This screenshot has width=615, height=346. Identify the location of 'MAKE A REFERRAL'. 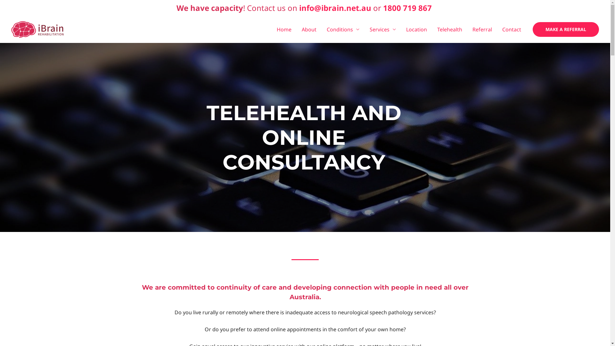
(532, 29).